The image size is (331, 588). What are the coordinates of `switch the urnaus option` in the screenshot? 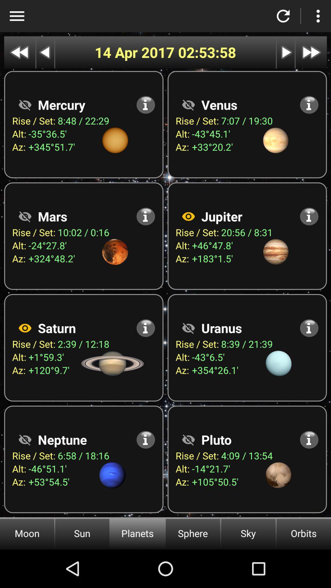 It's located at (188, 328).